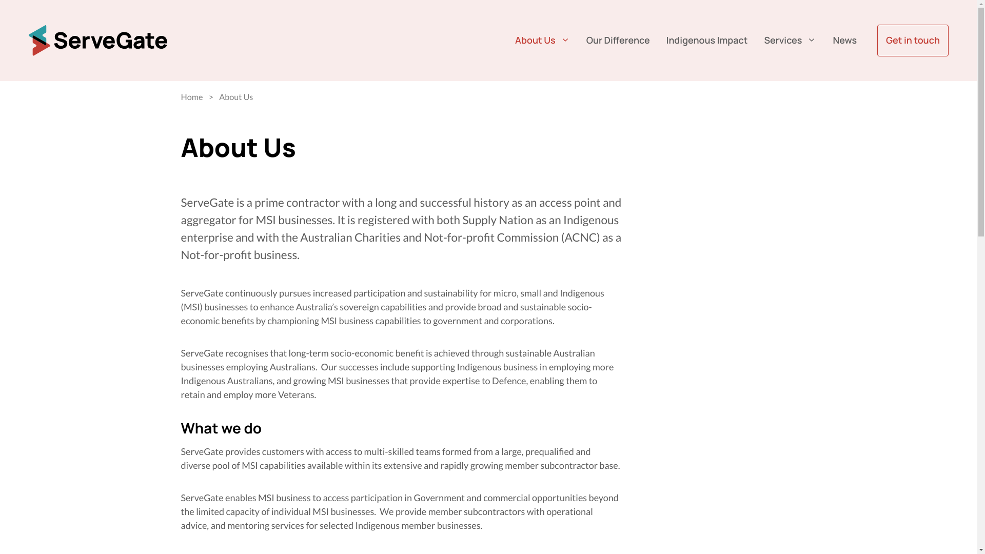 Image resolution: width=985 pixels, height=554 pixels. What do you see at coordinates (98, 39) in the screenshot?
I see `'ServeGate'` at bounding box center [98, 39].